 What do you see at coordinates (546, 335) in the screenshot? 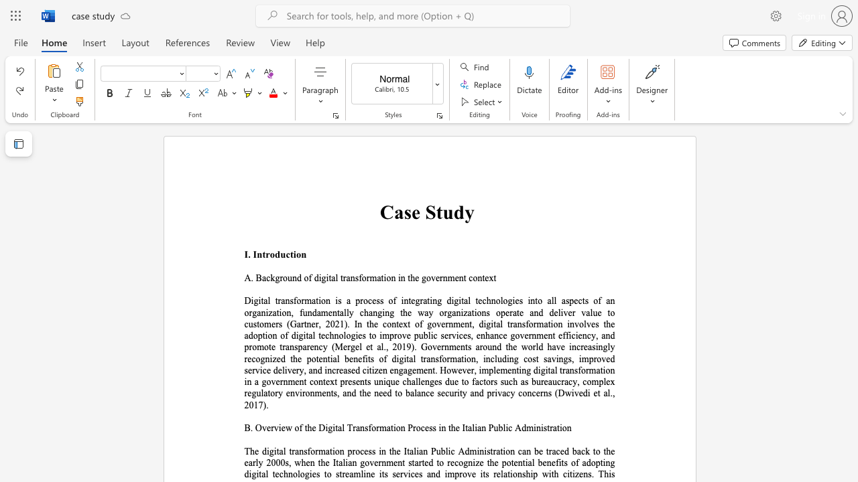
I see `the 29th character "e" in the text` at bounding box center [546, 335].